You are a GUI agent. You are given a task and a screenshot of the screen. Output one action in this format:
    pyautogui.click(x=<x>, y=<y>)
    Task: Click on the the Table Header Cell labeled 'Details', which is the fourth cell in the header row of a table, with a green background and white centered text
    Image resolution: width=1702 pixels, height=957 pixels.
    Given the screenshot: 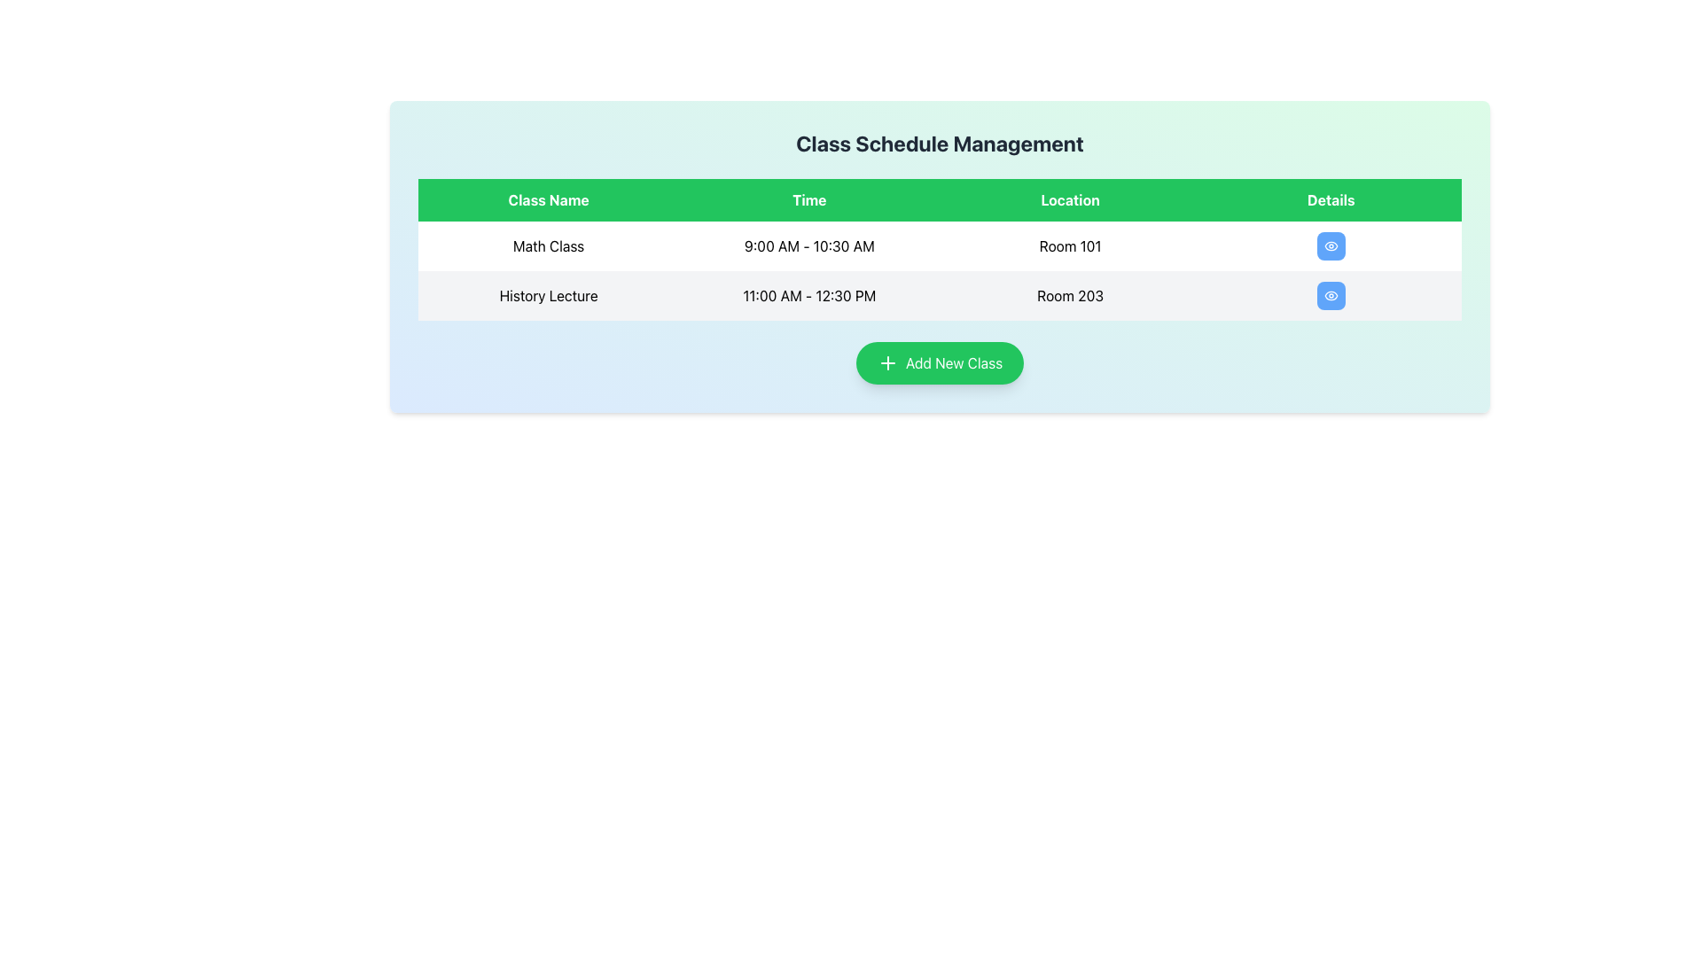 What is the action you would take?
    pyautogui.click(x=1331, y=199)
    